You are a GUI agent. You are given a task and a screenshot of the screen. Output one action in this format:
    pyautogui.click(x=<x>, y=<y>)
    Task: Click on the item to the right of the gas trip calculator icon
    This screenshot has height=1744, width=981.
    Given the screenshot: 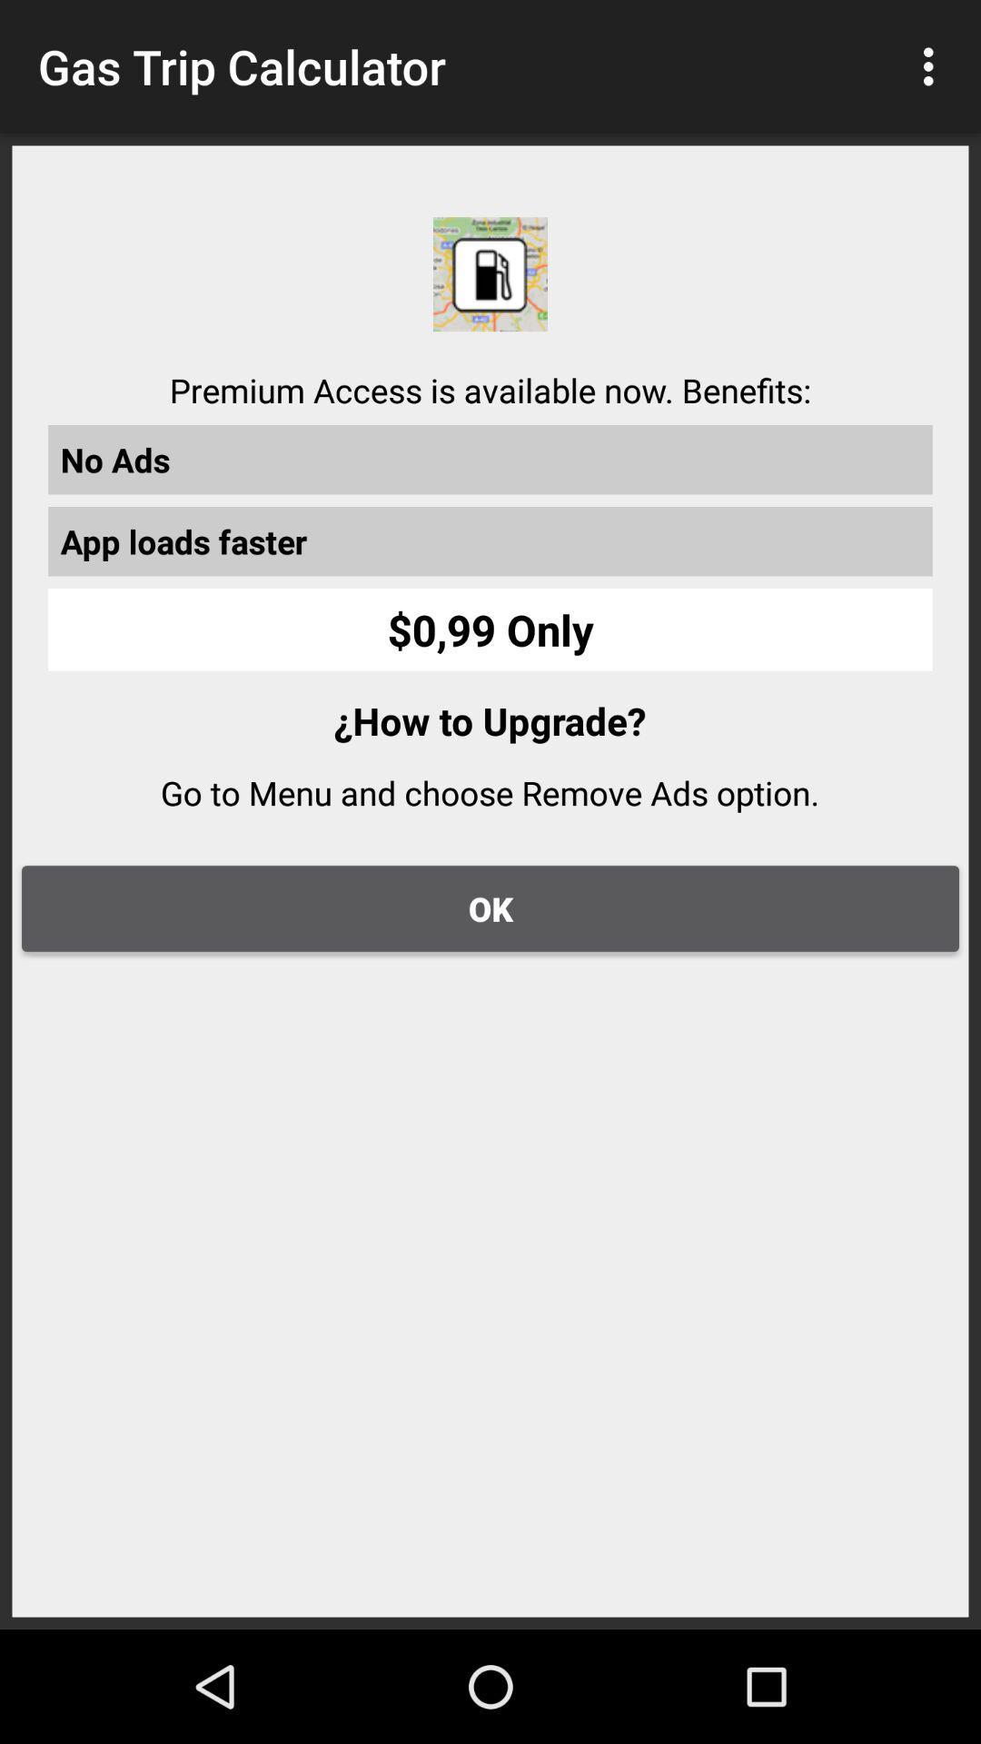 What is the action you would take?
    pyautogui.click(x=933, y=66)
    